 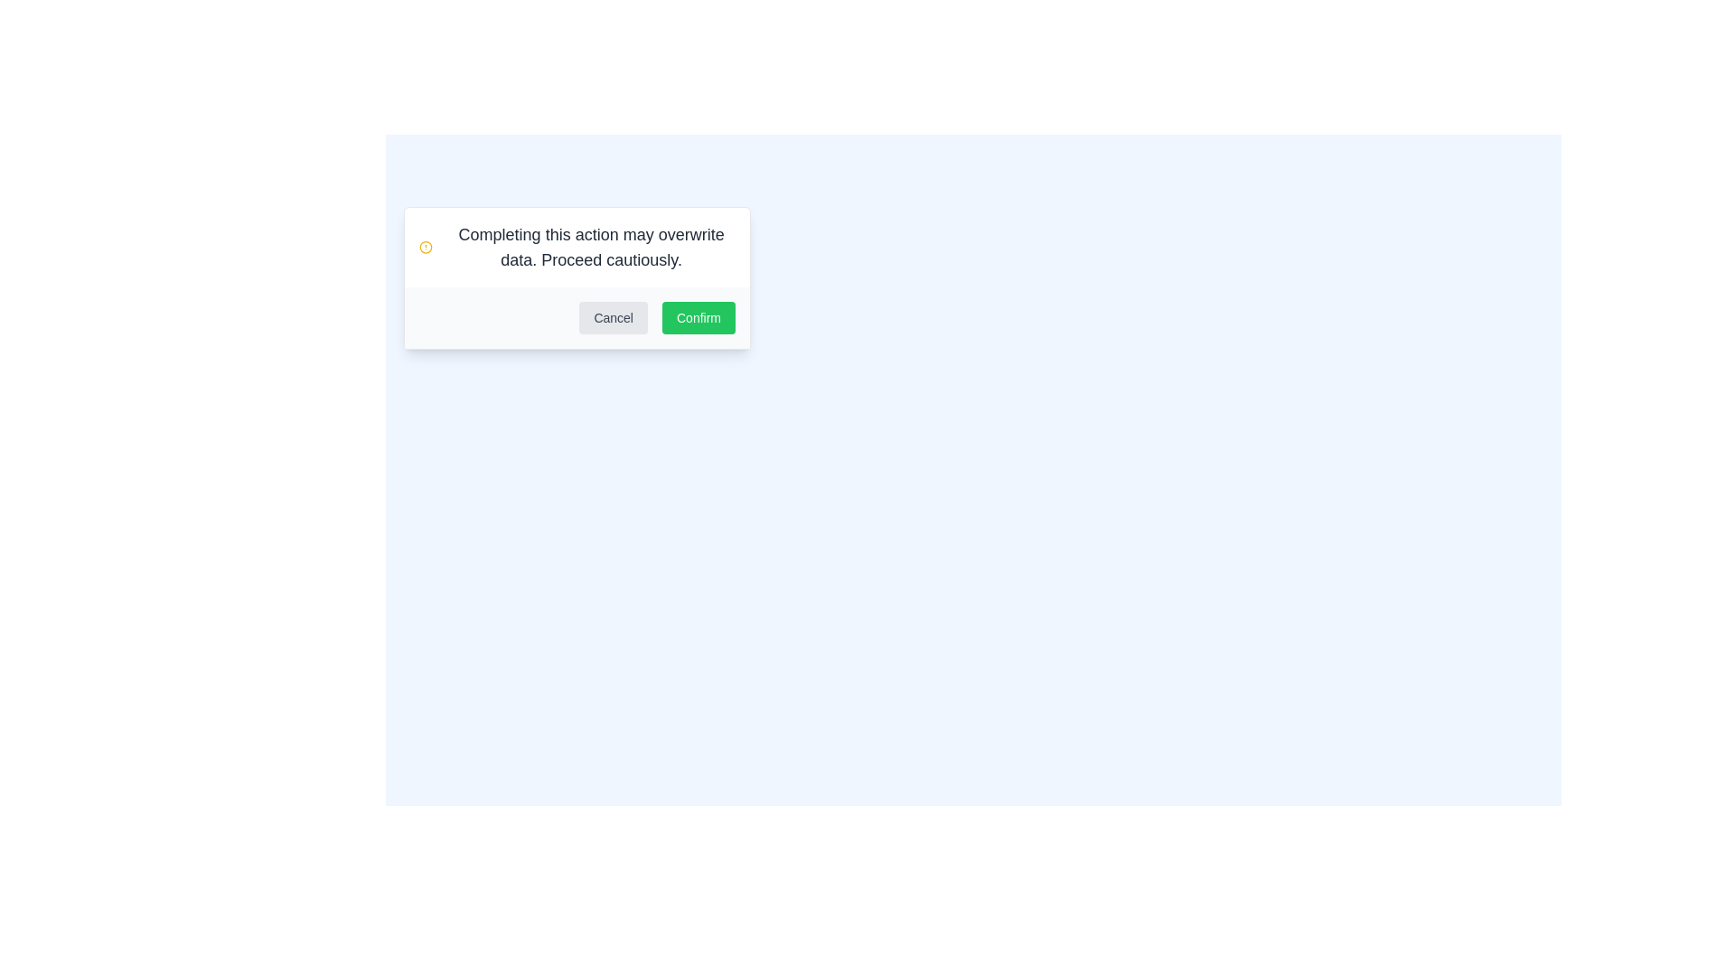 What do you see at coordinates (576, 247) in the screenshot?
I see `the alert message that warns about data overwriting, which contains the text 'Completing this action may overwrite data. Proceed cautiously.' and features a yellow circular alert icon` at bounding box center [576, 247].